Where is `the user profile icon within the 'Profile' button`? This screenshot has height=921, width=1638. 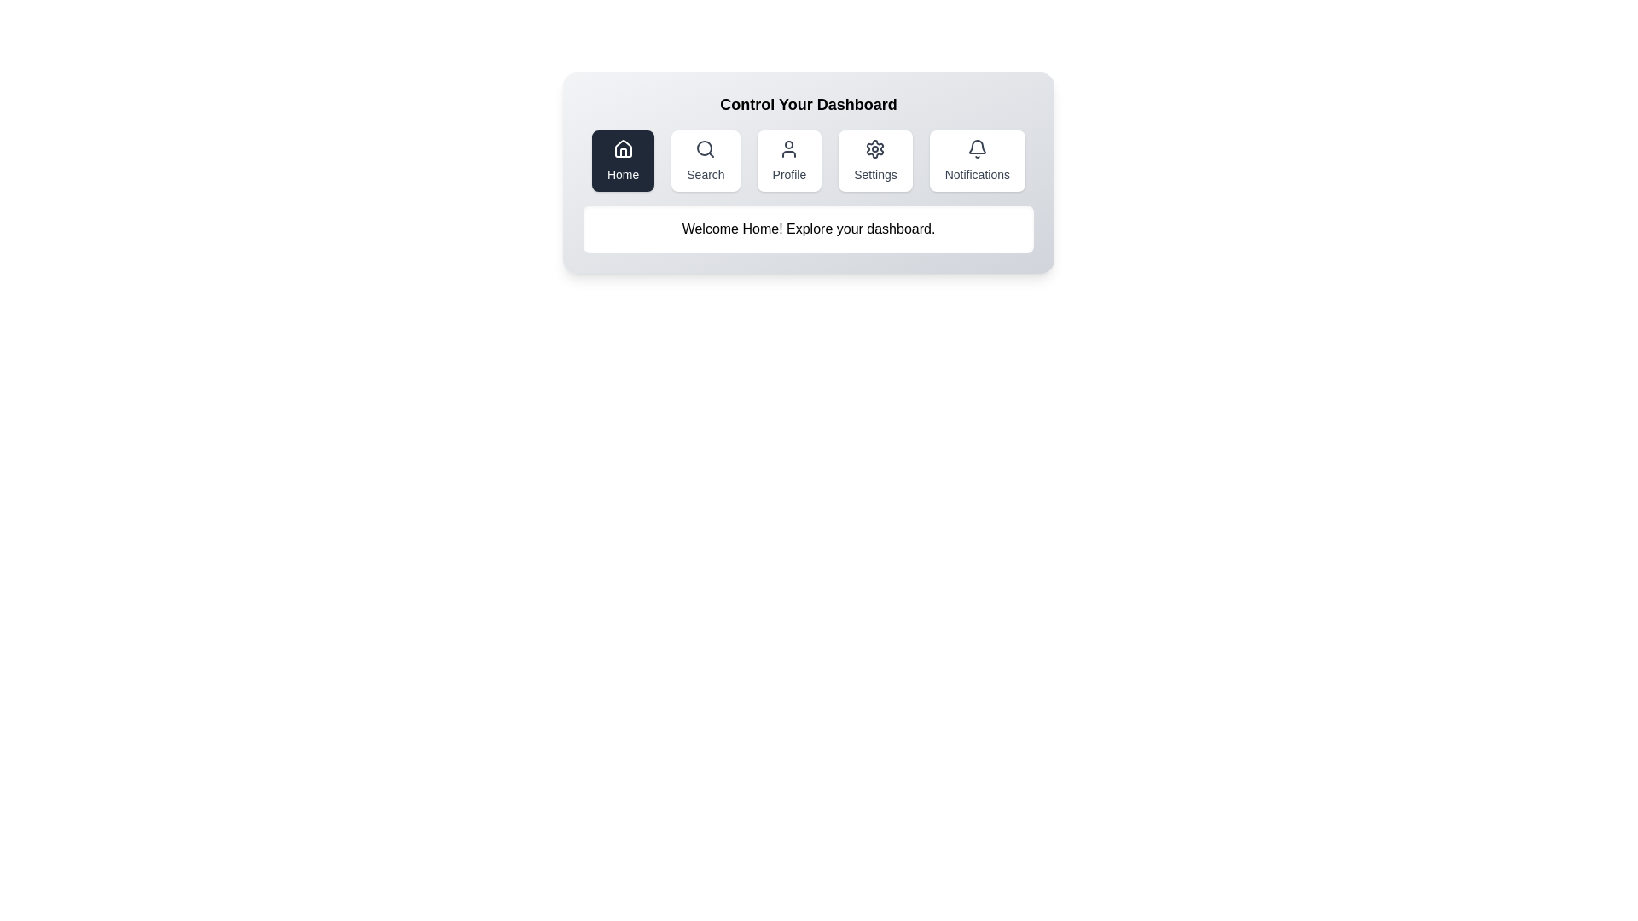 the user profile icon within the 'Profile' button is located at coordinates (788, 148).